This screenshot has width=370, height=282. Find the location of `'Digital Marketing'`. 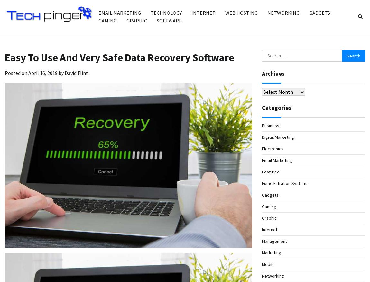

'Digital Marketing' is located at coordinates (261, 137).